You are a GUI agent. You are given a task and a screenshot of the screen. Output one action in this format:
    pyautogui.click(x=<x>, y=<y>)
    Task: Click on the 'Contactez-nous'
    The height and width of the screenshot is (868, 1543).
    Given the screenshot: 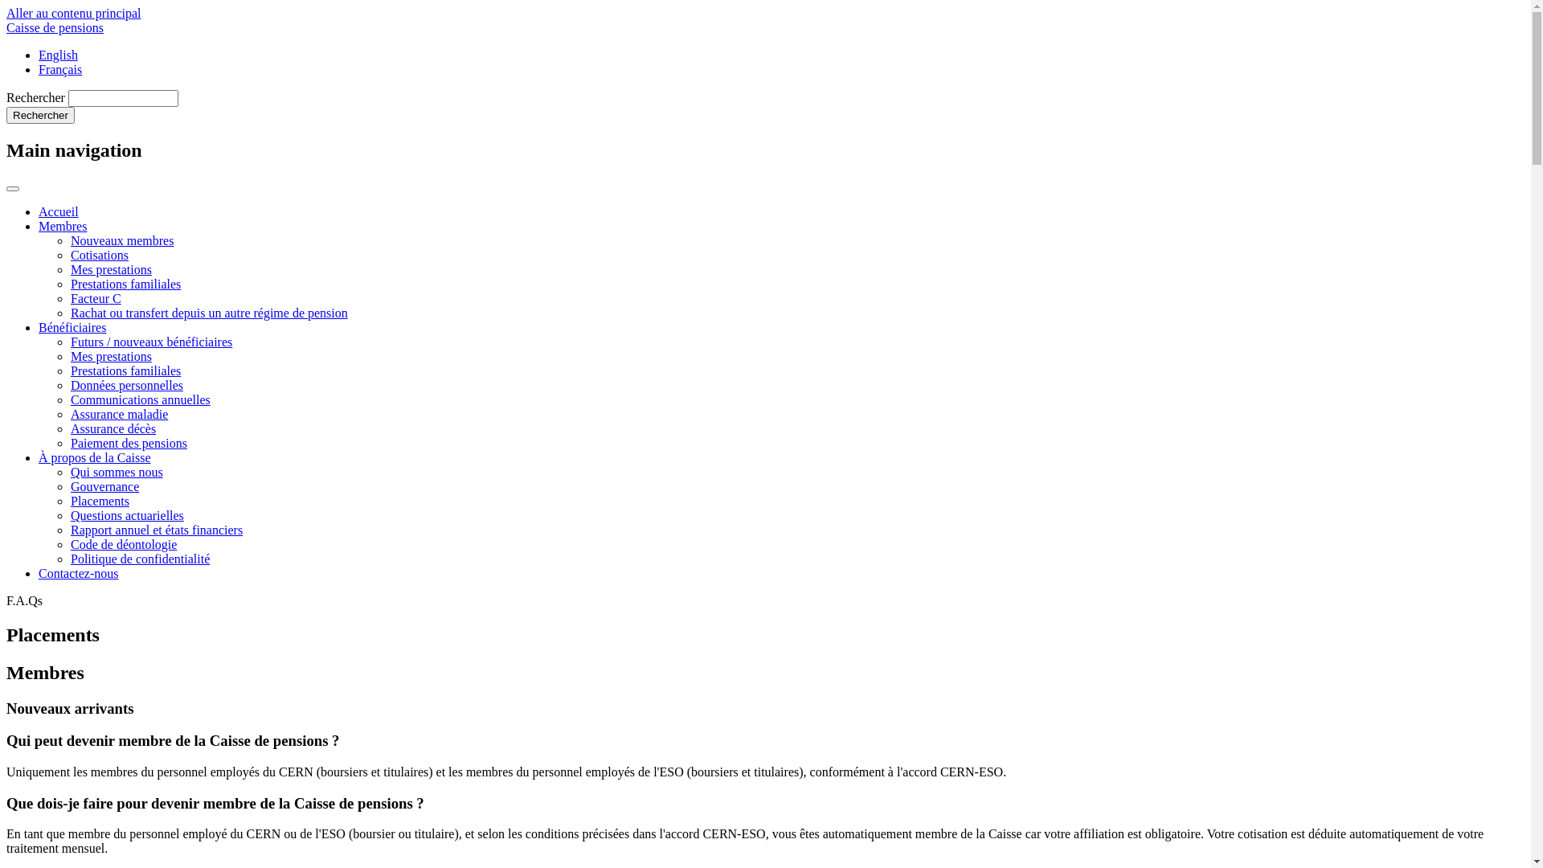 What is the action you would take?
    pyautogui.click(x=39, y=572)
    